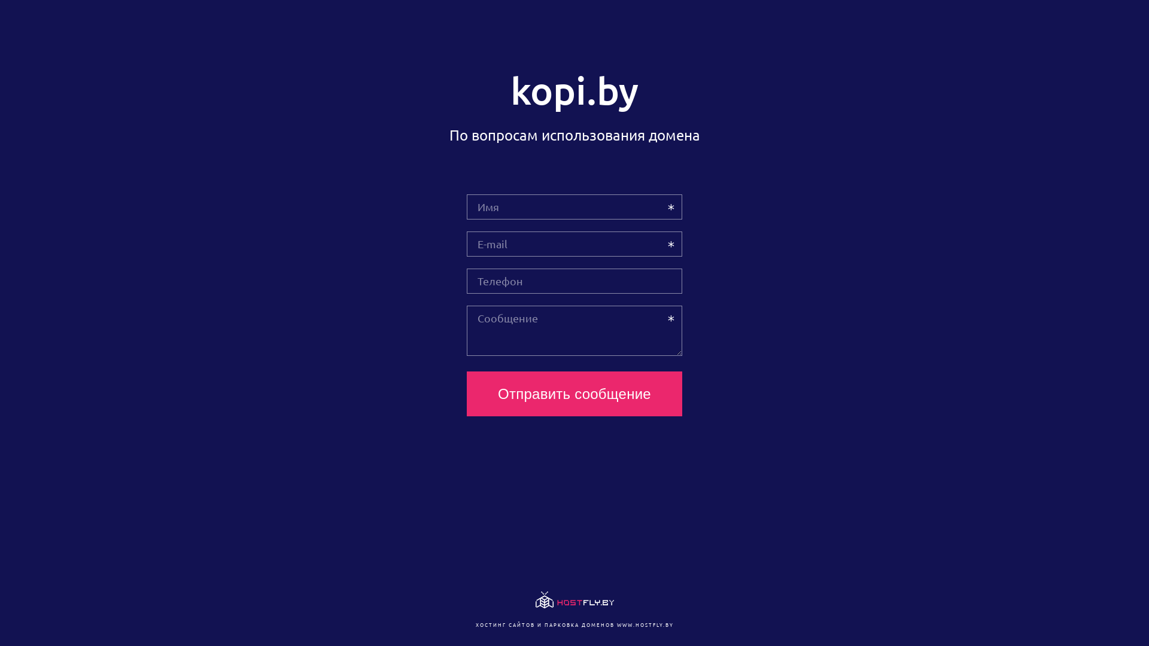 The width and height of the screenshot is (1149, 646). Describe the element at coordinates (644, 624) in the screenshot. I see `'WWW.HOSTFLY.BY'` at that location.